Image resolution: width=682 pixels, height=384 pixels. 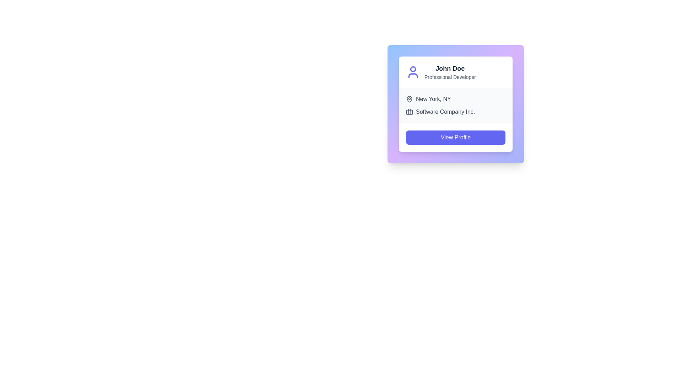 What do you see at coordinates (450, 77) in the screenshot?
I see `the text label indicating the professional title 'Professional Developer' located beneath the name 'John Doe' in the profile card component` at bounding box center [450, 77].